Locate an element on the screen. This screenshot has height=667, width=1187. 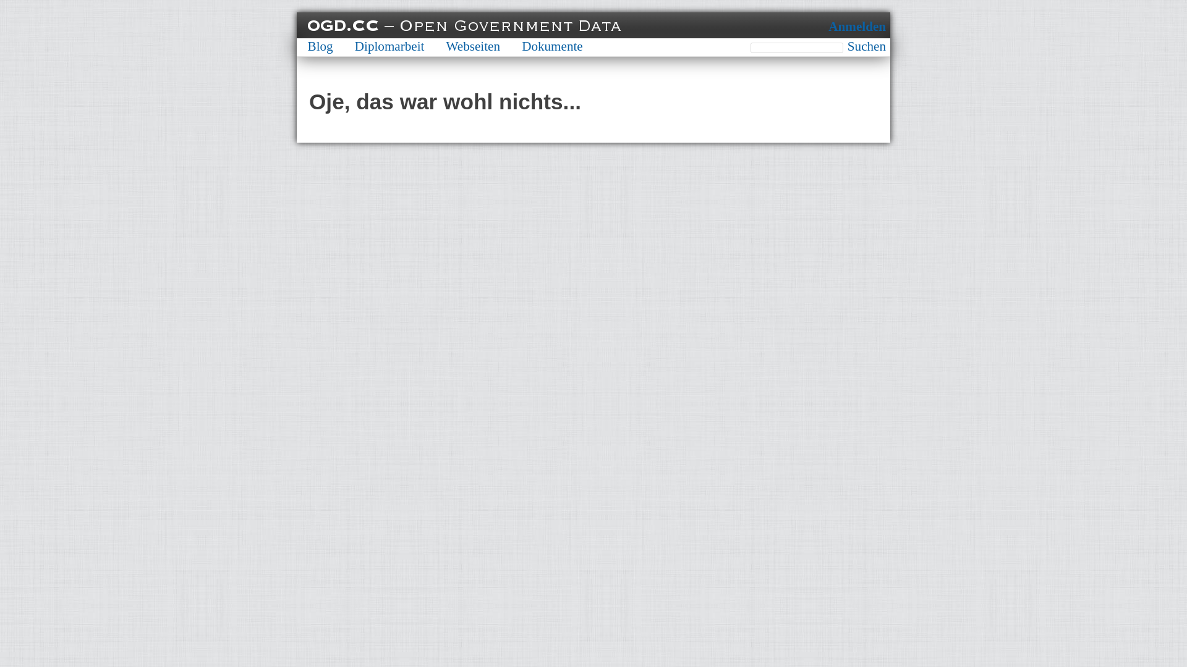
'Dokumente' is located at coordinates (551, 45).